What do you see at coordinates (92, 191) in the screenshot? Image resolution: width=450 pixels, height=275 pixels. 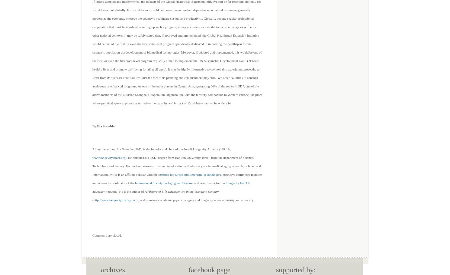 I see `'advocacy network.  He is the author of'` at bounding box center [92, 191].